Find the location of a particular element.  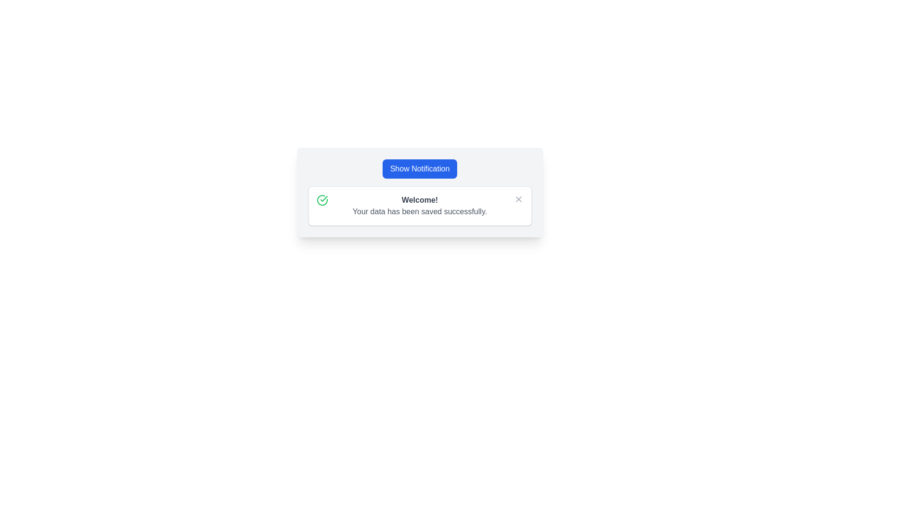

the small gray 'X' icon at the top-right corner of the notification box is located at coordinates (518, 198).